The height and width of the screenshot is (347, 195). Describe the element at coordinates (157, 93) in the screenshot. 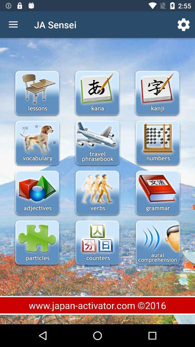

I see `kanji directory` at that location.